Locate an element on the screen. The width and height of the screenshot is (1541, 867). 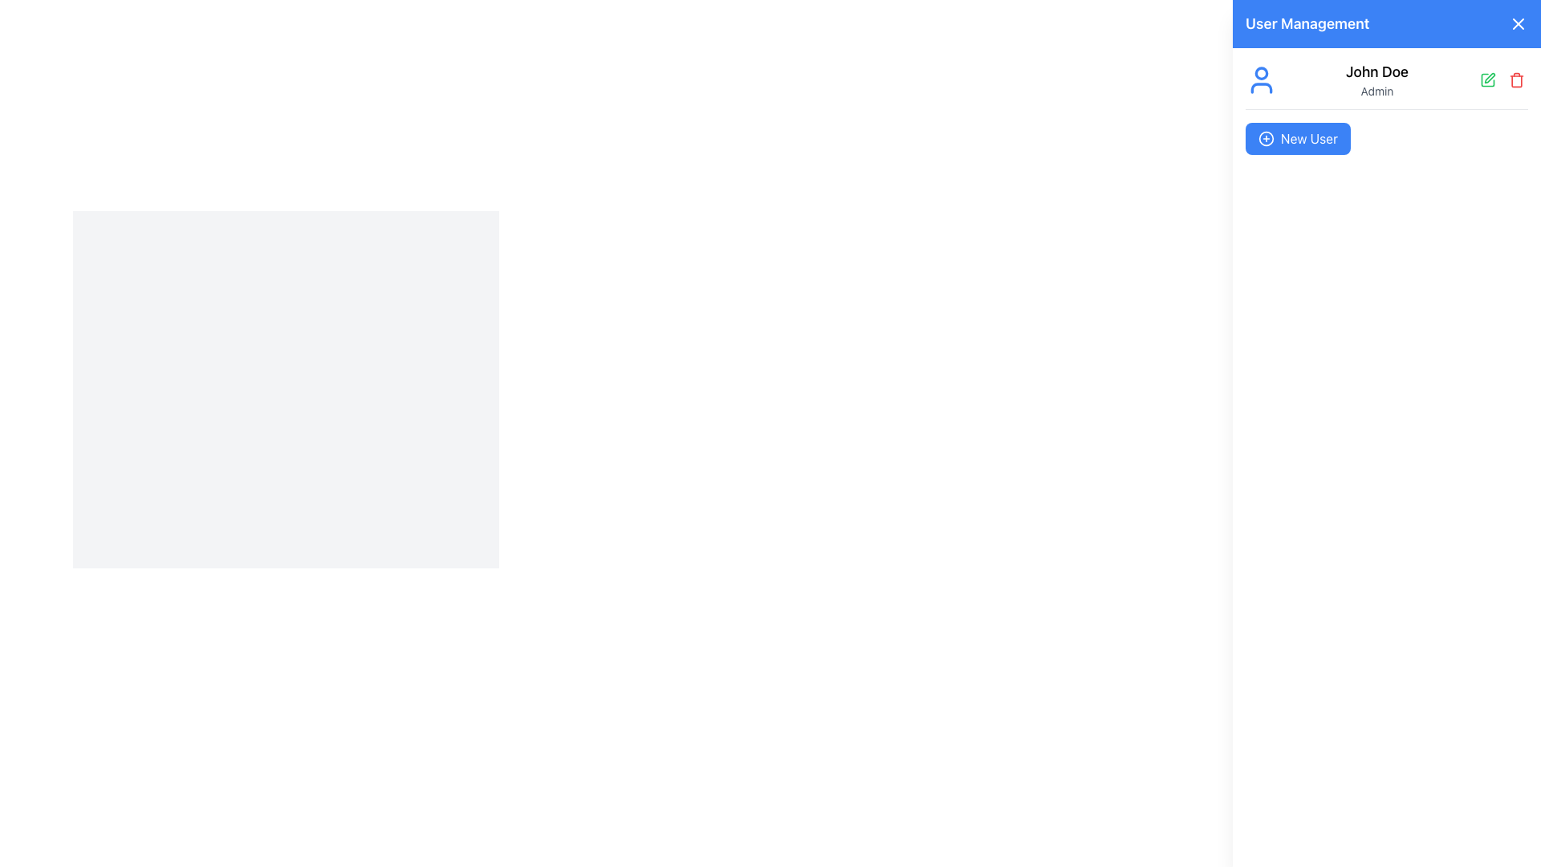
the user avatar icon located in the 'User Management' panel, positioned to the left of the 'John Doe' text and above the 'Admin' label is located at coordinates (1260, 80).